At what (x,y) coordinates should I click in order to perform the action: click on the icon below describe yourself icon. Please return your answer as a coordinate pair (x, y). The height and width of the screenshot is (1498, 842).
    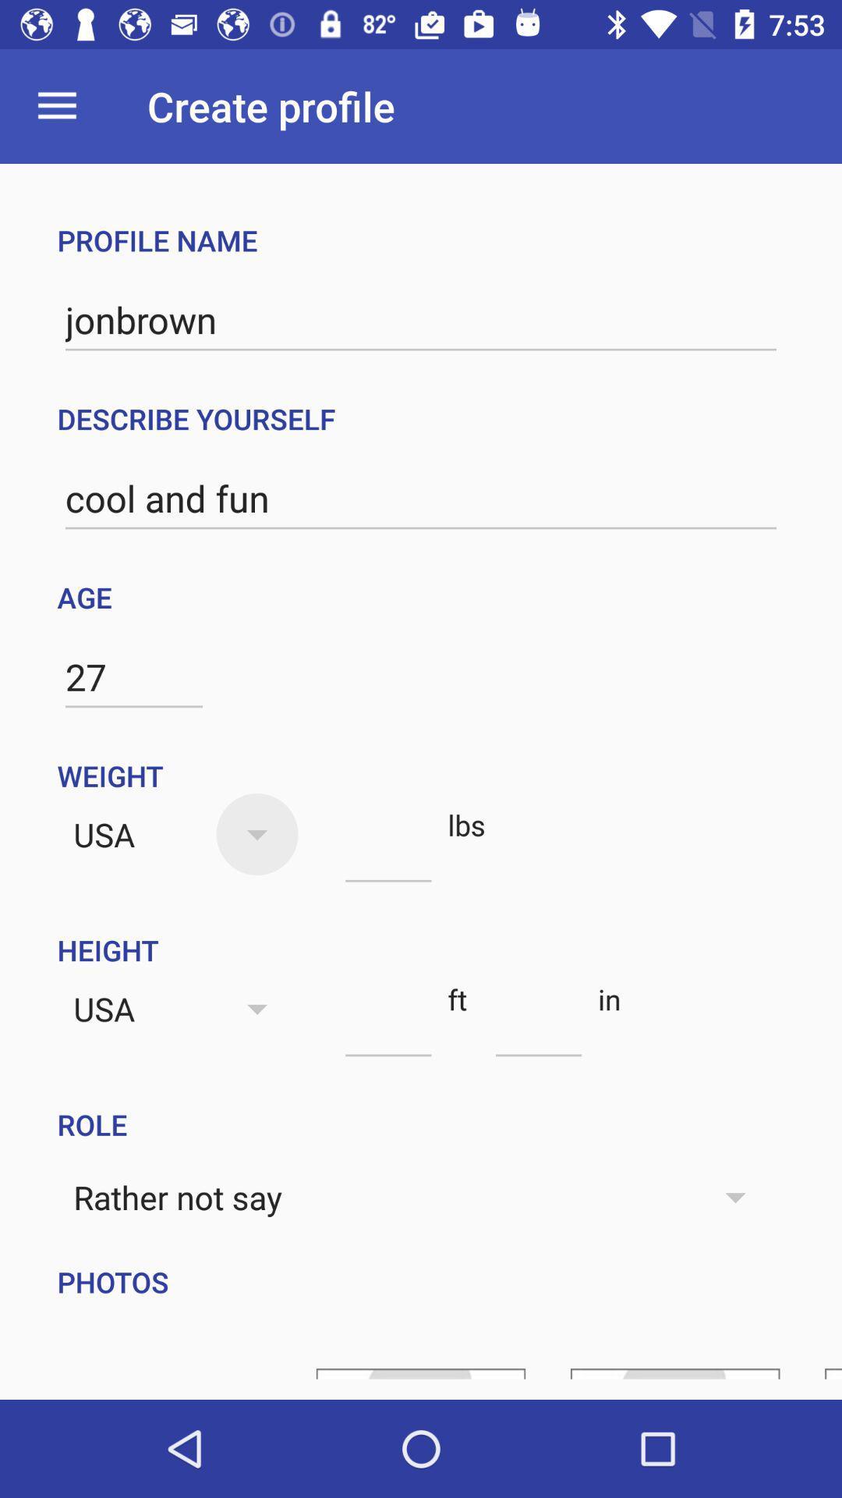
    Looking at the image, I should click on (421, 498).